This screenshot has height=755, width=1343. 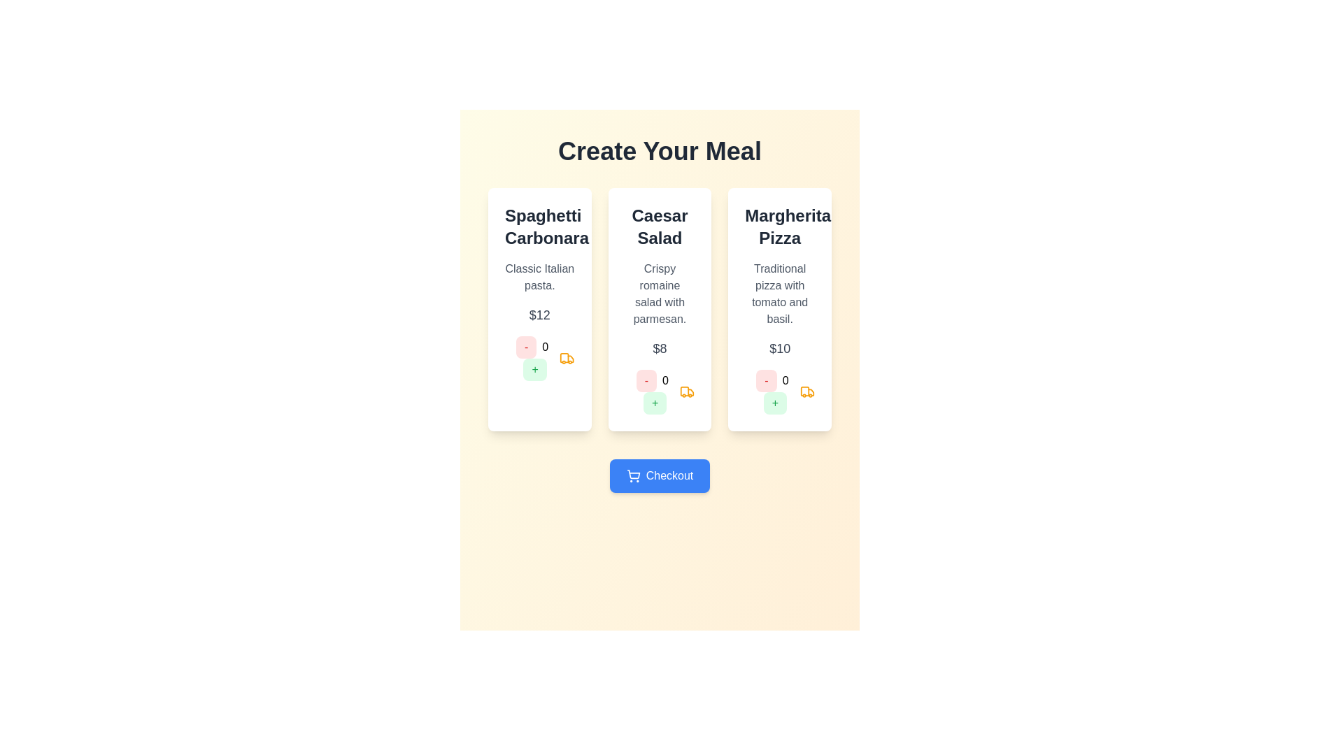 I want to click on the text displaying 'Crispy romaine salad with parmesan.' which is located beneath the heading 'Caesar Salad' and above the price marker '$8', so click(x=659, y=293).